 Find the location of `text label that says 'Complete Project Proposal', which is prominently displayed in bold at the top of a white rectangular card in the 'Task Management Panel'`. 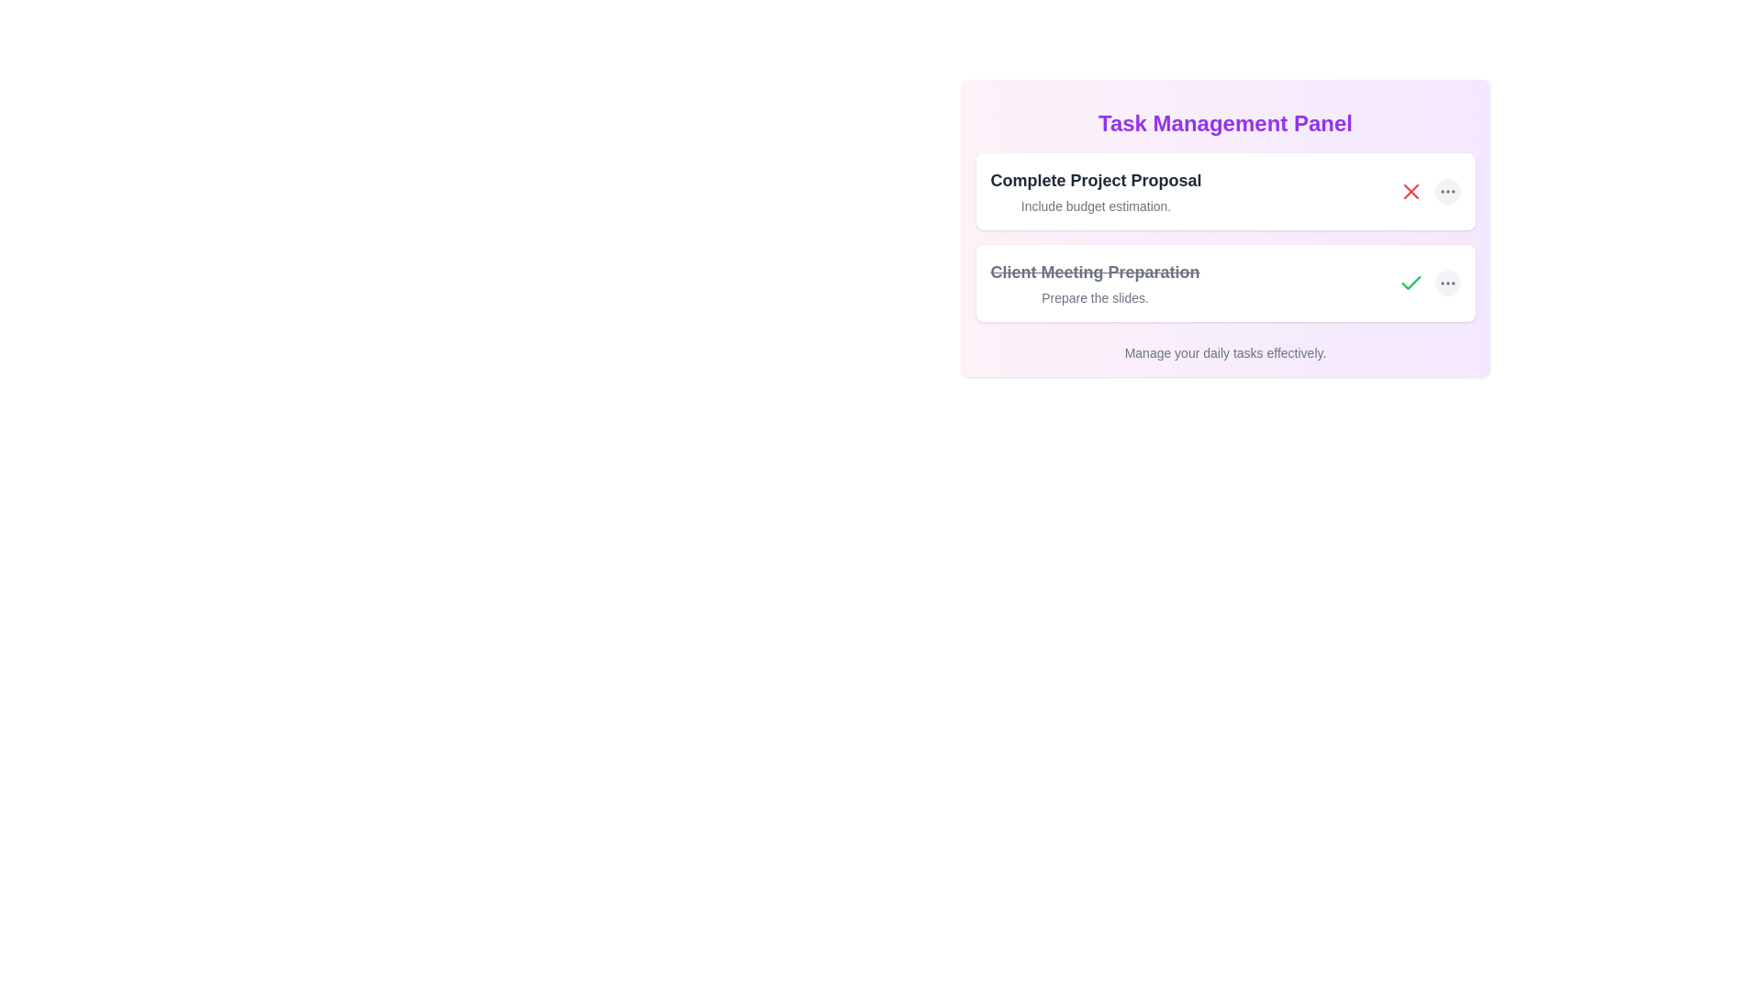

text label that says 'Complete Project Proposal', which is prominently displayed in bold at the top of a white rectangular card in the 'Task Management Panel' is located at coordinates (1096, 180).